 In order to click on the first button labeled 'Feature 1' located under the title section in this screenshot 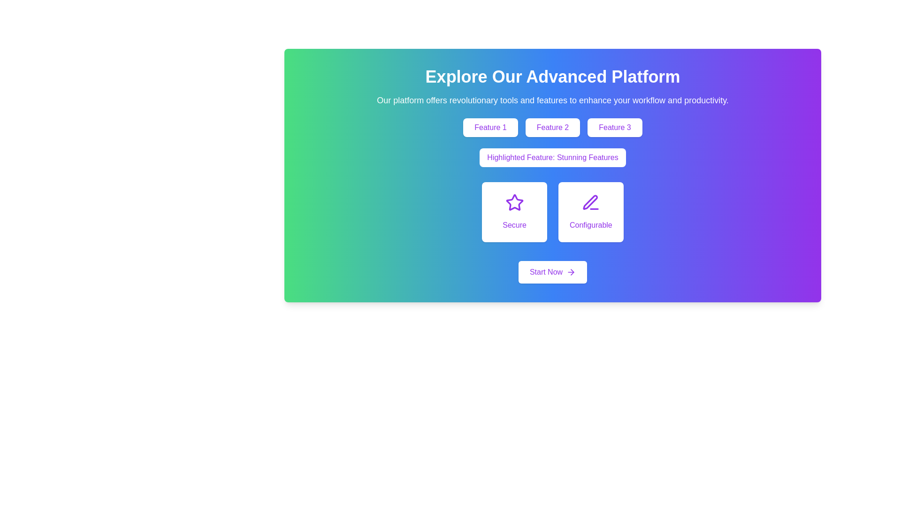, I will do `click(490, 128)`.